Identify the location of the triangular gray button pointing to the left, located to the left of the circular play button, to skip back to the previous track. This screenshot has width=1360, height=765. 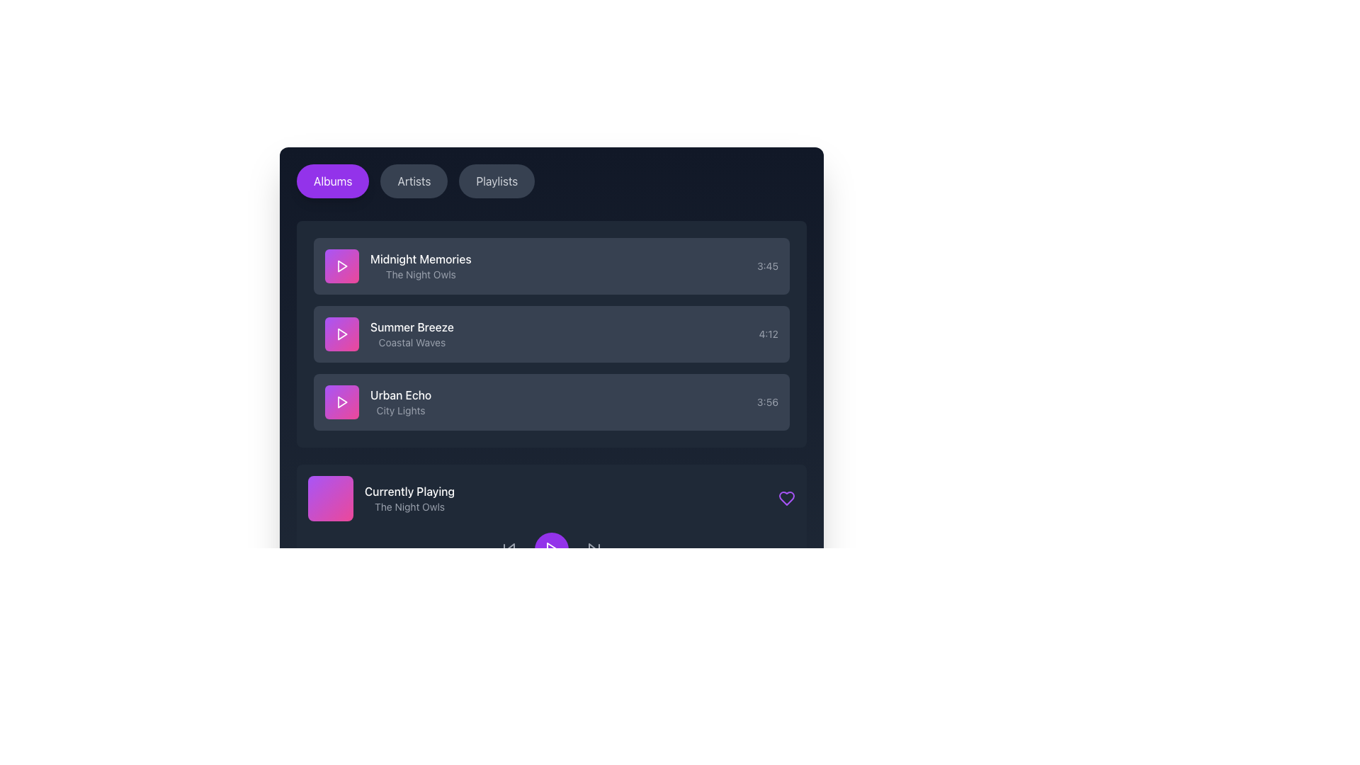
(509, 548).